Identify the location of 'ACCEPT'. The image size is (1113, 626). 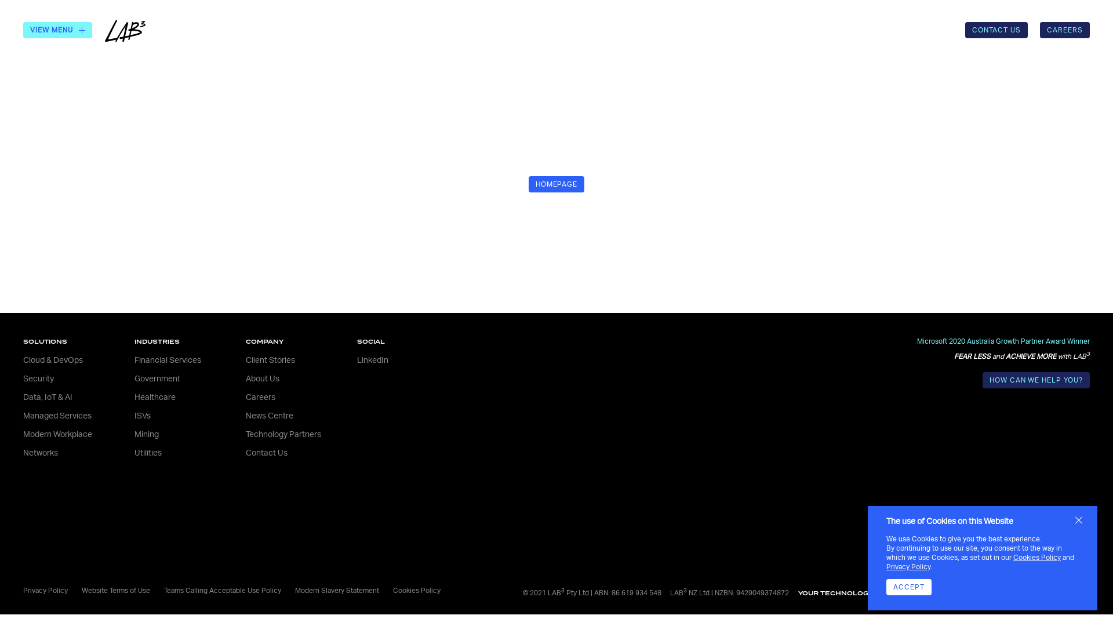
(908, 587).